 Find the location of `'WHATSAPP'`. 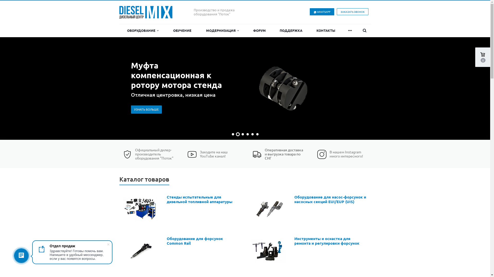

'WHATSAPP' is located at coordinates (322, 12).